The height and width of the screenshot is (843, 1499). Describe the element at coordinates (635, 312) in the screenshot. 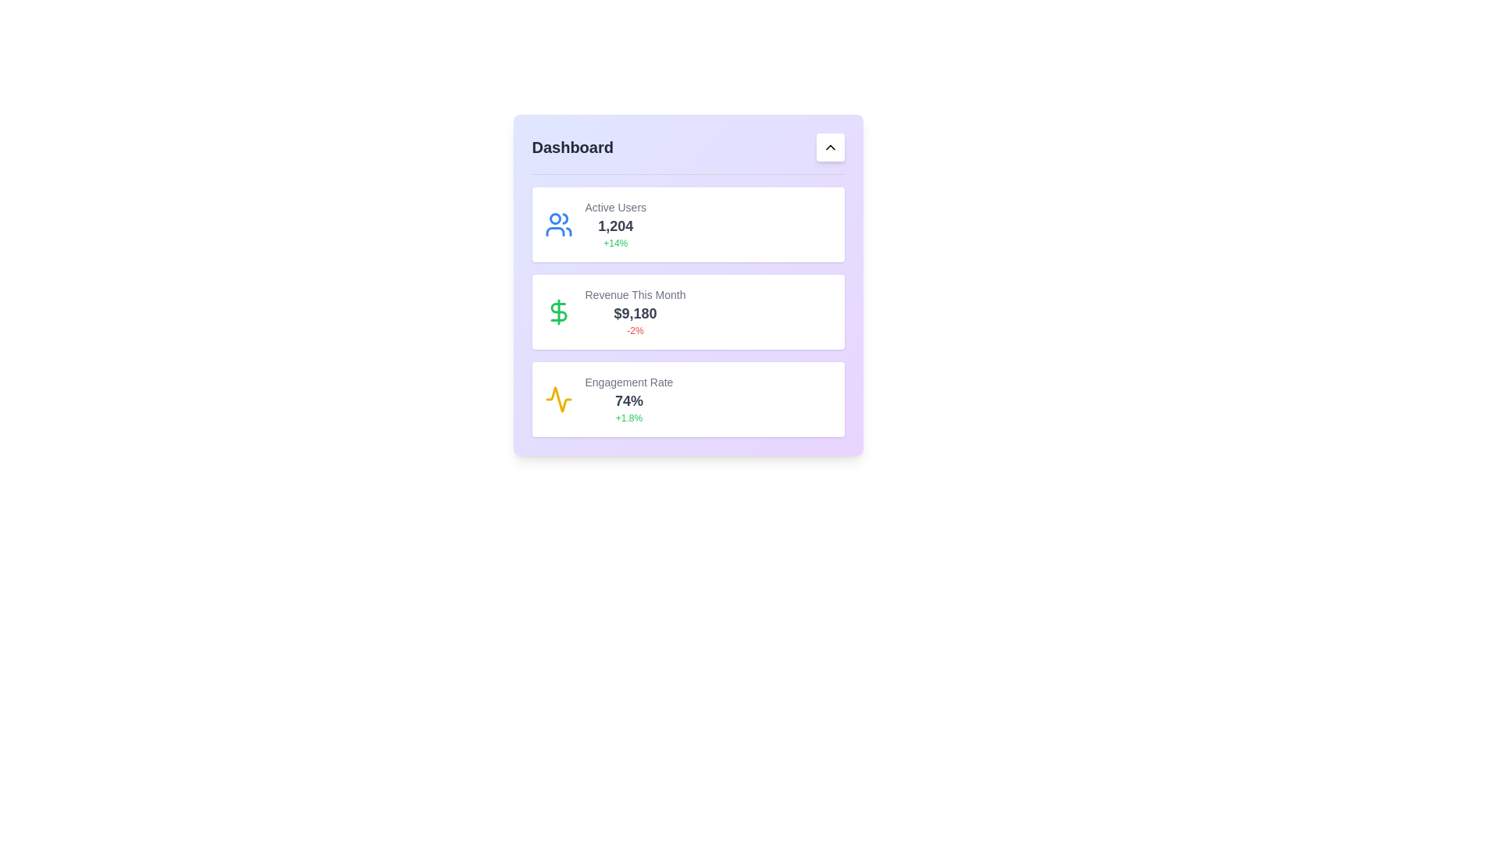

I see `displayed revenue information from the Text Block that shows 'Revenue This Month', '$9,180', and '-2%'` at that location.